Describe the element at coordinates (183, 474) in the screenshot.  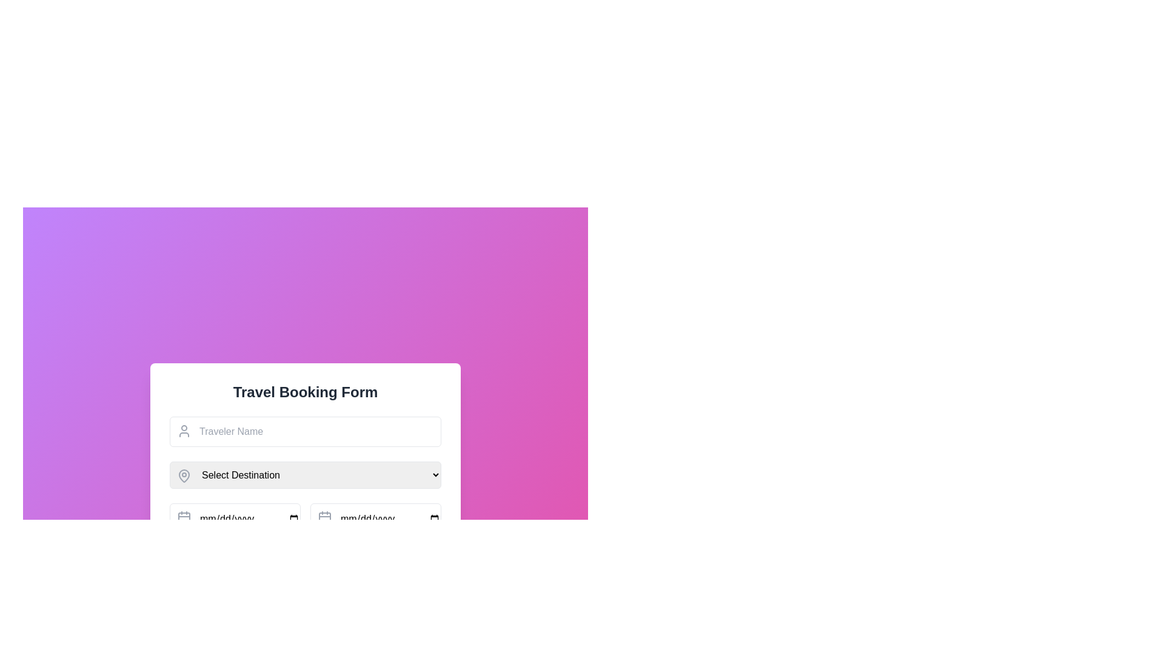
I see `the Decorative icon positioned inside the 'Select Destination' dropdown field, located to the left of the text label` at that location.